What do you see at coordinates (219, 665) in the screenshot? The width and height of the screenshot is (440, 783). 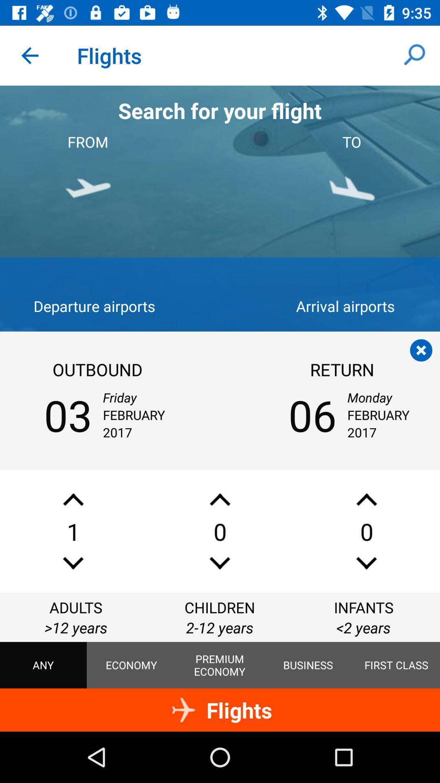 I see `icon next to the economy item` at bounding box center [219, 665].